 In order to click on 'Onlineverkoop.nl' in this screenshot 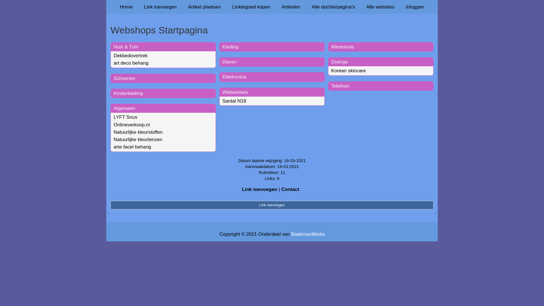, I will do `click(131, 124)`.